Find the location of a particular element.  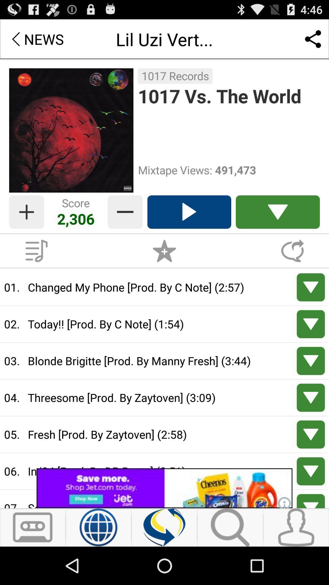

send a message is located at coordinates (292, 251).